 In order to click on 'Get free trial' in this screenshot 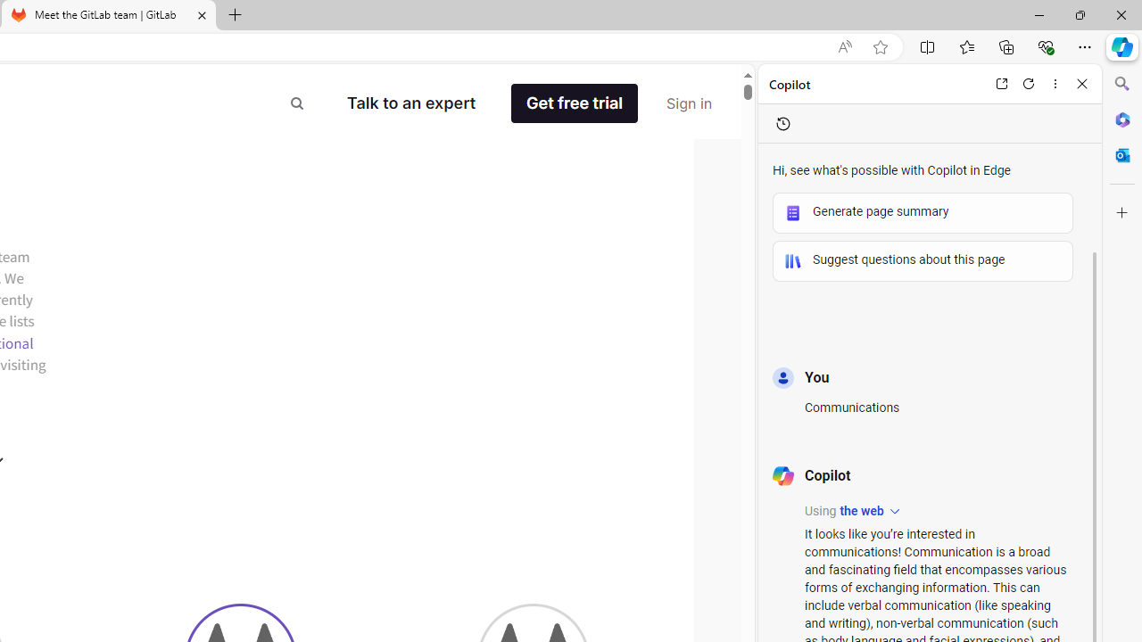, I will do `click(575, 103)`.